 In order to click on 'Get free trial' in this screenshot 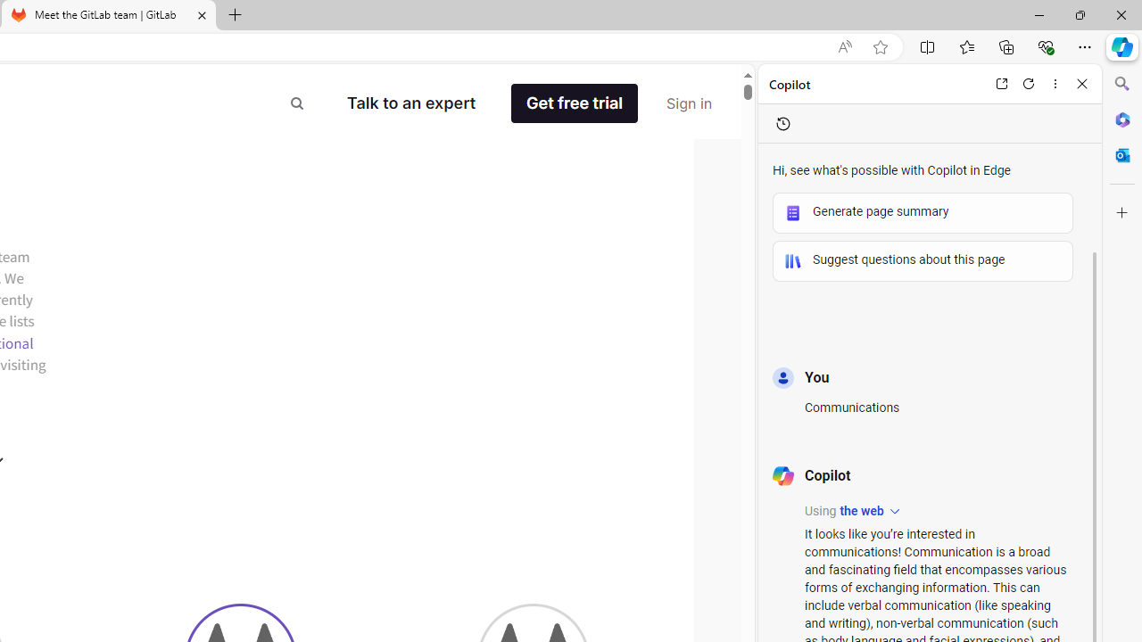, I will do `click(575, 103)`.